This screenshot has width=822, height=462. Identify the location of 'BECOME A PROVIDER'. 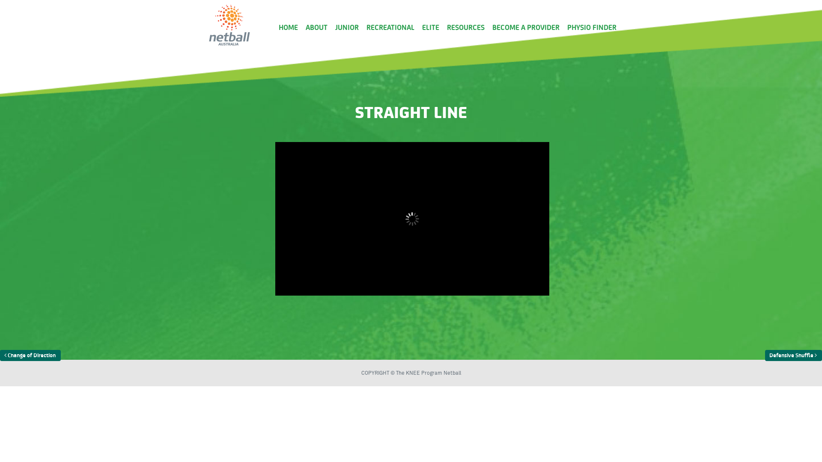
(485, 27).